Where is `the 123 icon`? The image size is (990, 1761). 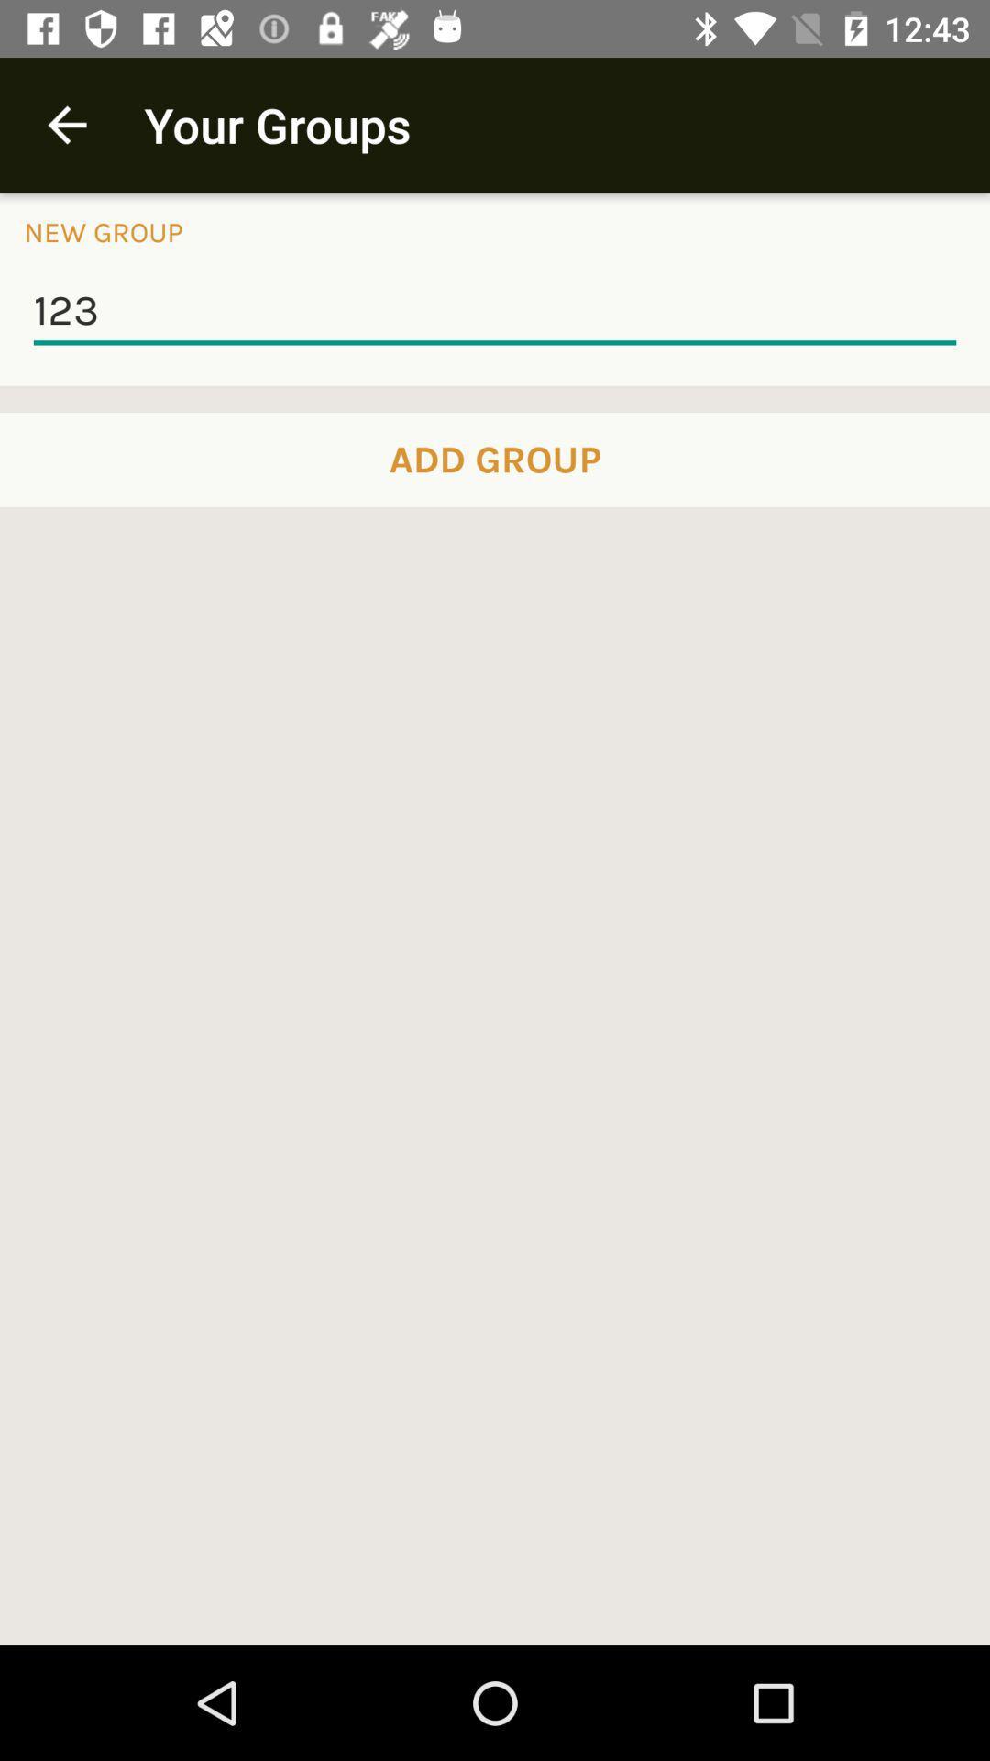
the 123 icon is located at coordinates (495, 312).